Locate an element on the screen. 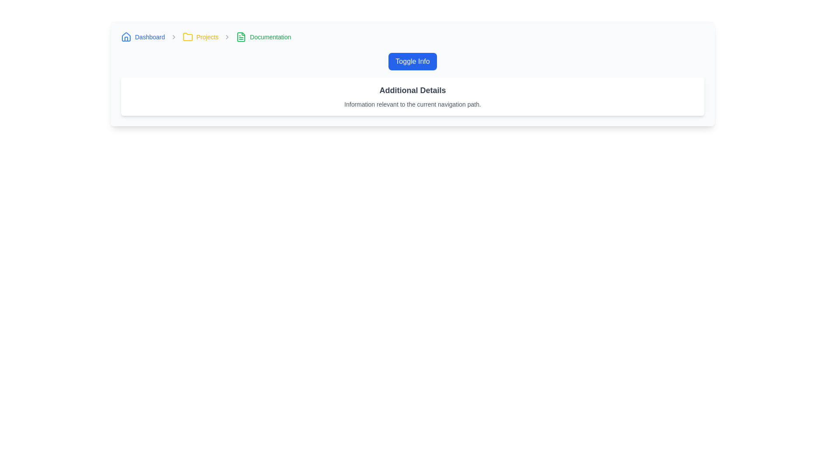 The image size is (839, 472). the decorative graphic representing the door of the house icon located at the bottom center of the navigation bar is located at coordinates (125, 38).